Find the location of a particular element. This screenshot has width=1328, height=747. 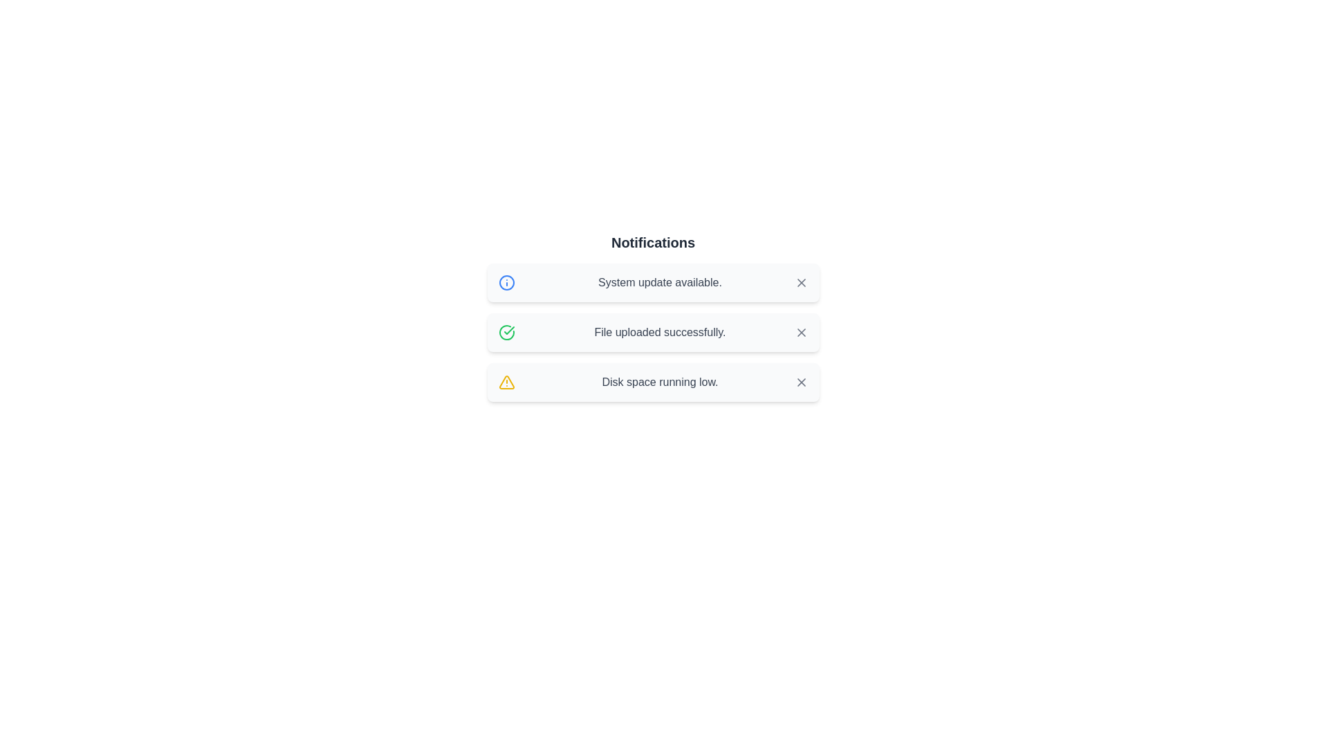

the dismiss icon located at the far-right side of the notification card that indicates 'File uploaded successfully.' is located at coordinates (801, 333).